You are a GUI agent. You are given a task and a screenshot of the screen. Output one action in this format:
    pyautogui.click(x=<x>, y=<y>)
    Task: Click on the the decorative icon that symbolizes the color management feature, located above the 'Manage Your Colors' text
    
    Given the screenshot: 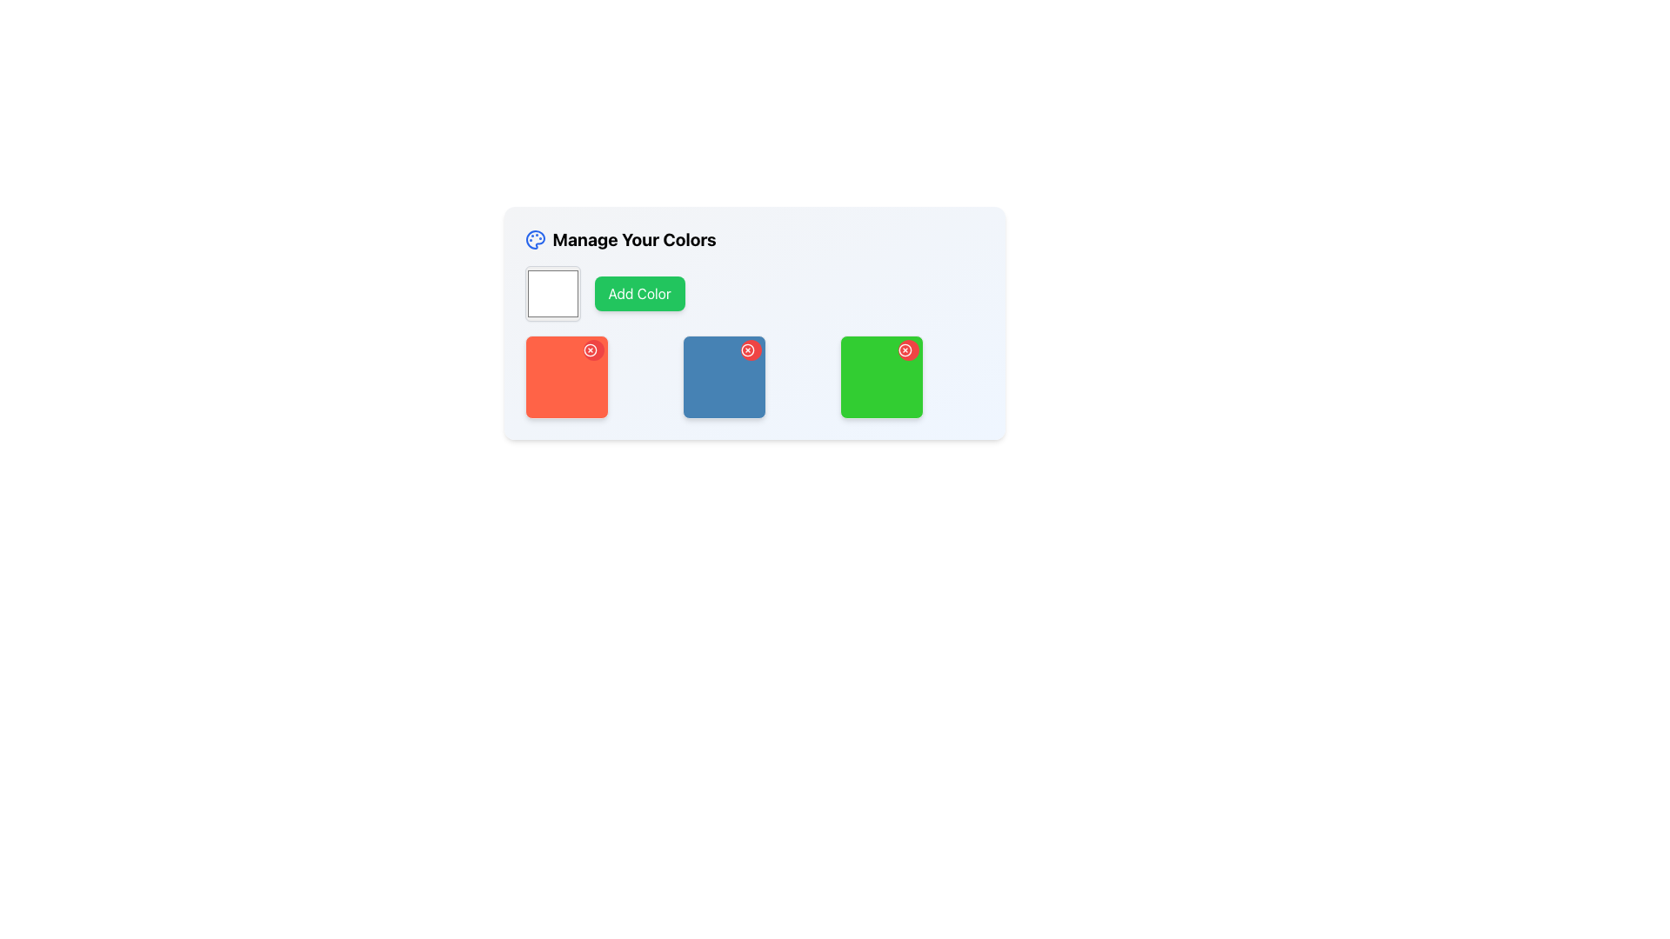 What is the action you would take?
    pyautogui.click(x=534, y=240)
    